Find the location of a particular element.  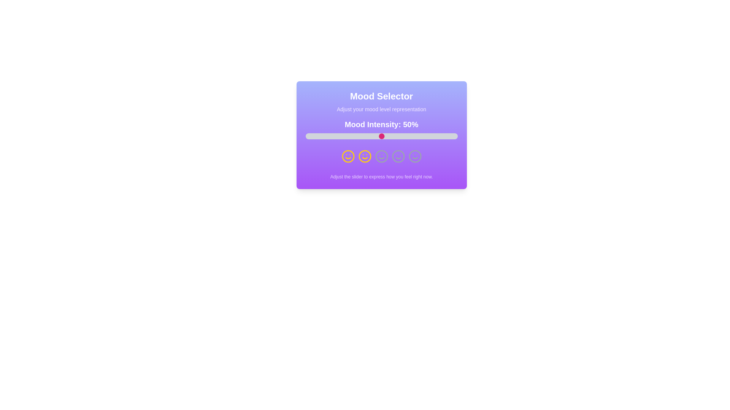

the slider to set the mood intensity to 1% is located at coordinates (307, 136).